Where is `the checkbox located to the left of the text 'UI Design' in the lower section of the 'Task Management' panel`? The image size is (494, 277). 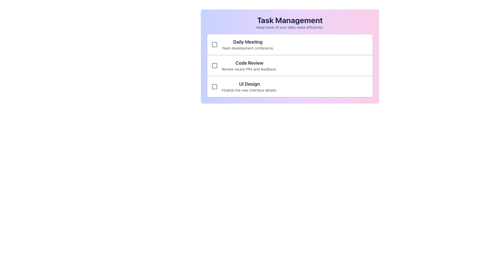
the checkbox located to the left of the text 'UI Design' in the lower section of the 'Task Management' panel is located at coordinates (215, 86).